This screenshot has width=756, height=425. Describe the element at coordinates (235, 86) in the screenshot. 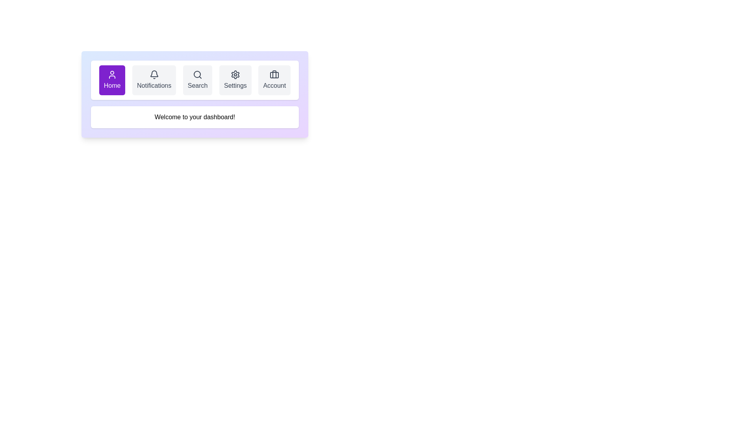

I see `'Settings' text label located in the fourth navigational item of the upper navigation menu, which is displayed in bold, dark gray font below a gear icon` at that location.